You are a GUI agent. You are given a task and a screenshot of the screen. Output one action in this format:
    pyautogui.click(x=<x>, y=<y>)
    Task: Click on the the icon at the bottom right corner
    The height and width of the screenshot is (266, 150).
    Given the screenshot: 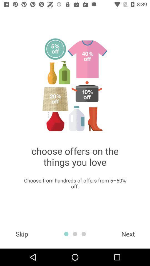 What is the action you would take?
    pyautogui.click(x=128, y=234)
    